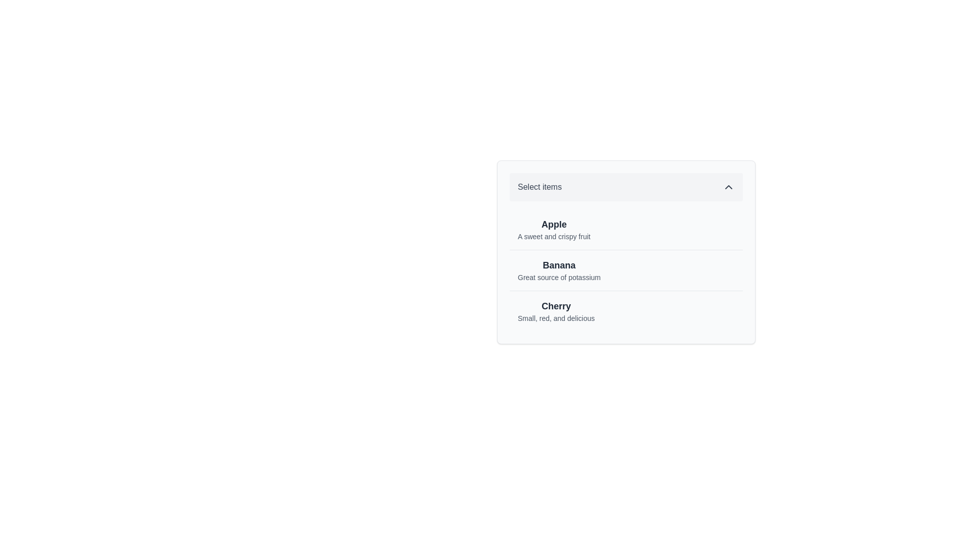 This screenshot has height=545, width=969. Describe the element at coordinates (556, 318) in the screenshot. I see `the text label styled in small gray font that contains the phrase 'Small, red, and delicious', located below 'Cherry' in the dropdown menu` at that location.